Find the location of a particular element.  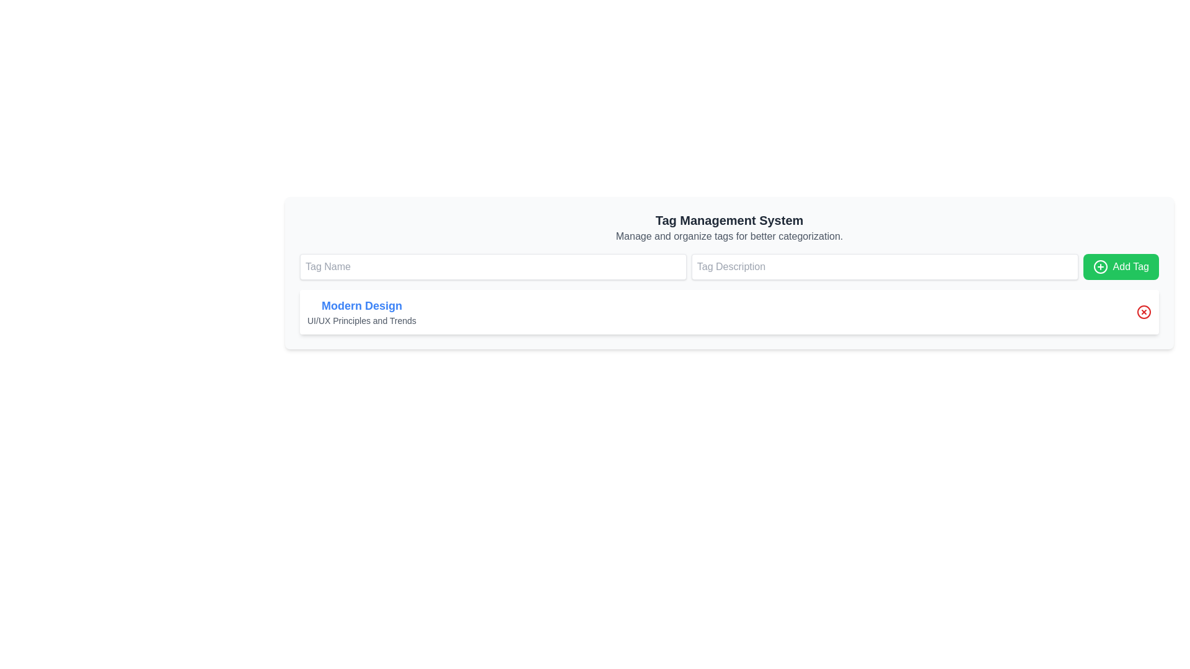

the 'Tag Management System' text label, which serves as a prominent header indicating the primary purpose of the section is located at coordinates (729, 219).